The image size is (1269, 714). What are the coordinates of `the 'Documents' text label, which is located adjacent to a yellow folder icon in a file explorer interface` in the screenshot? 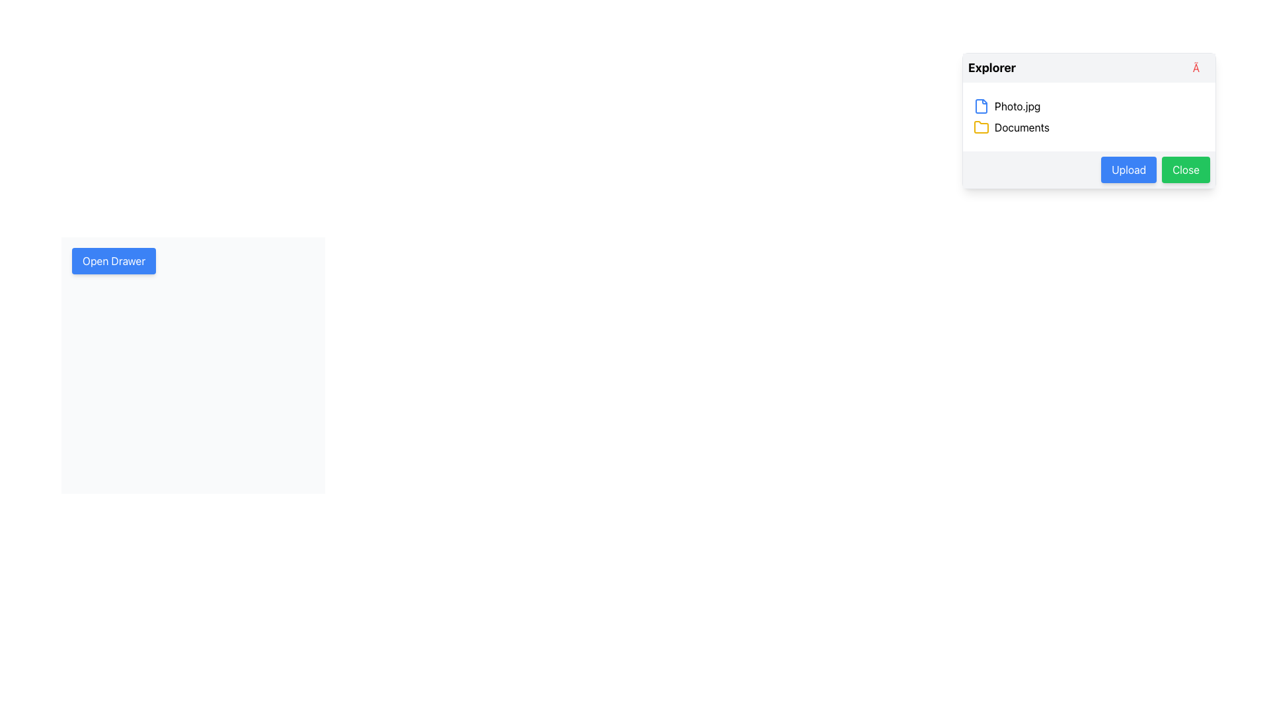 It's located at (1021, 127).